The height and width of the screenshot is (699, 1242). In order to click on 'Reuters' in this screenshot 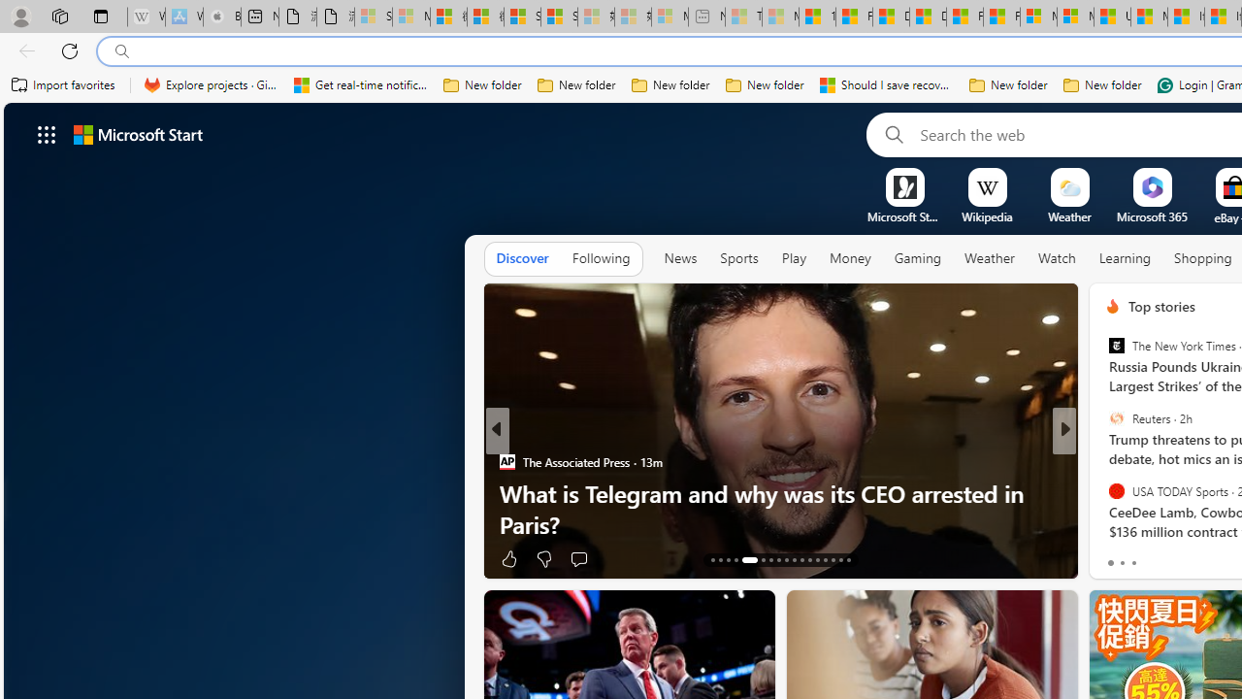, I will do `click(1116, 417)`.